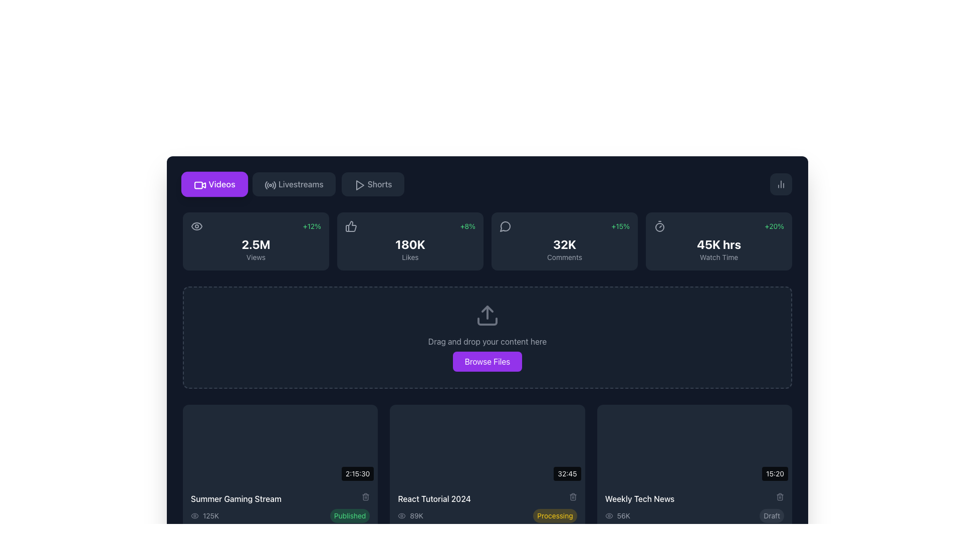 The width and height of the screenshot is (962, 541). Describe the element at coordinates (194, 515) in the screenshot. I see `the eye icon graphic component within the SVG, which serves as a visual indicator for view-related statistics or settings` at that location.